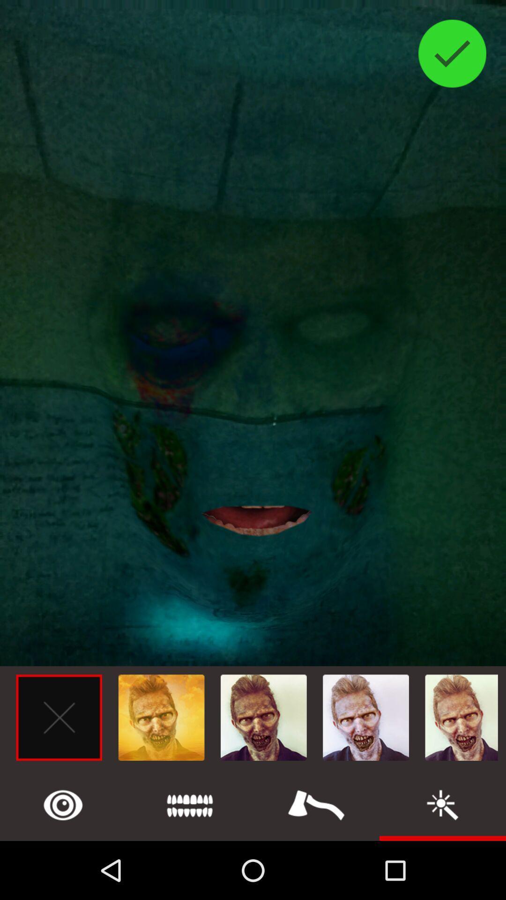 Image resolution: width=506 pixels, height=900 pixels. Describe the element at coordinates (190, 804) in the screenshot. I see `the list icon` at that location.